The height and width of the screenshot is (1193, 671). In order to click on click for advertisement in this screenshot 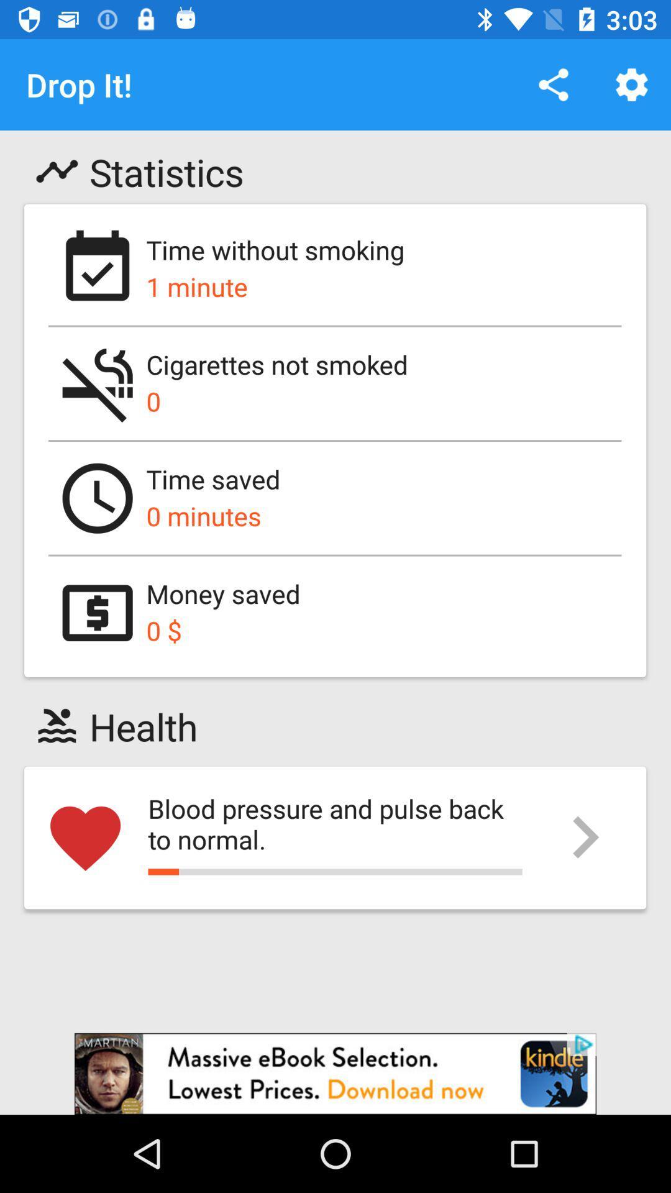, I will do `click(335, 1073)`.